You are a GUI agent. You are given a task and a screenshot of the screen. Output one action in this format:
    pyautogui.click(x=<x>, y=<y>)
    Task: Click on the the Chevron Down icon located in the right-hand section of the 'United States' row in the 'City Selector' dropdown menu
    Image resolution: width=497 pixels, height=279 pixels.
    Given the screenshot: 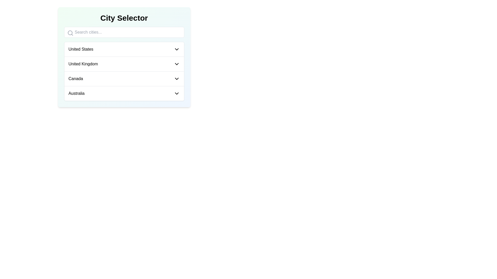 What is the action you would take?
    pyautogui.click(x=177, y=49)
    